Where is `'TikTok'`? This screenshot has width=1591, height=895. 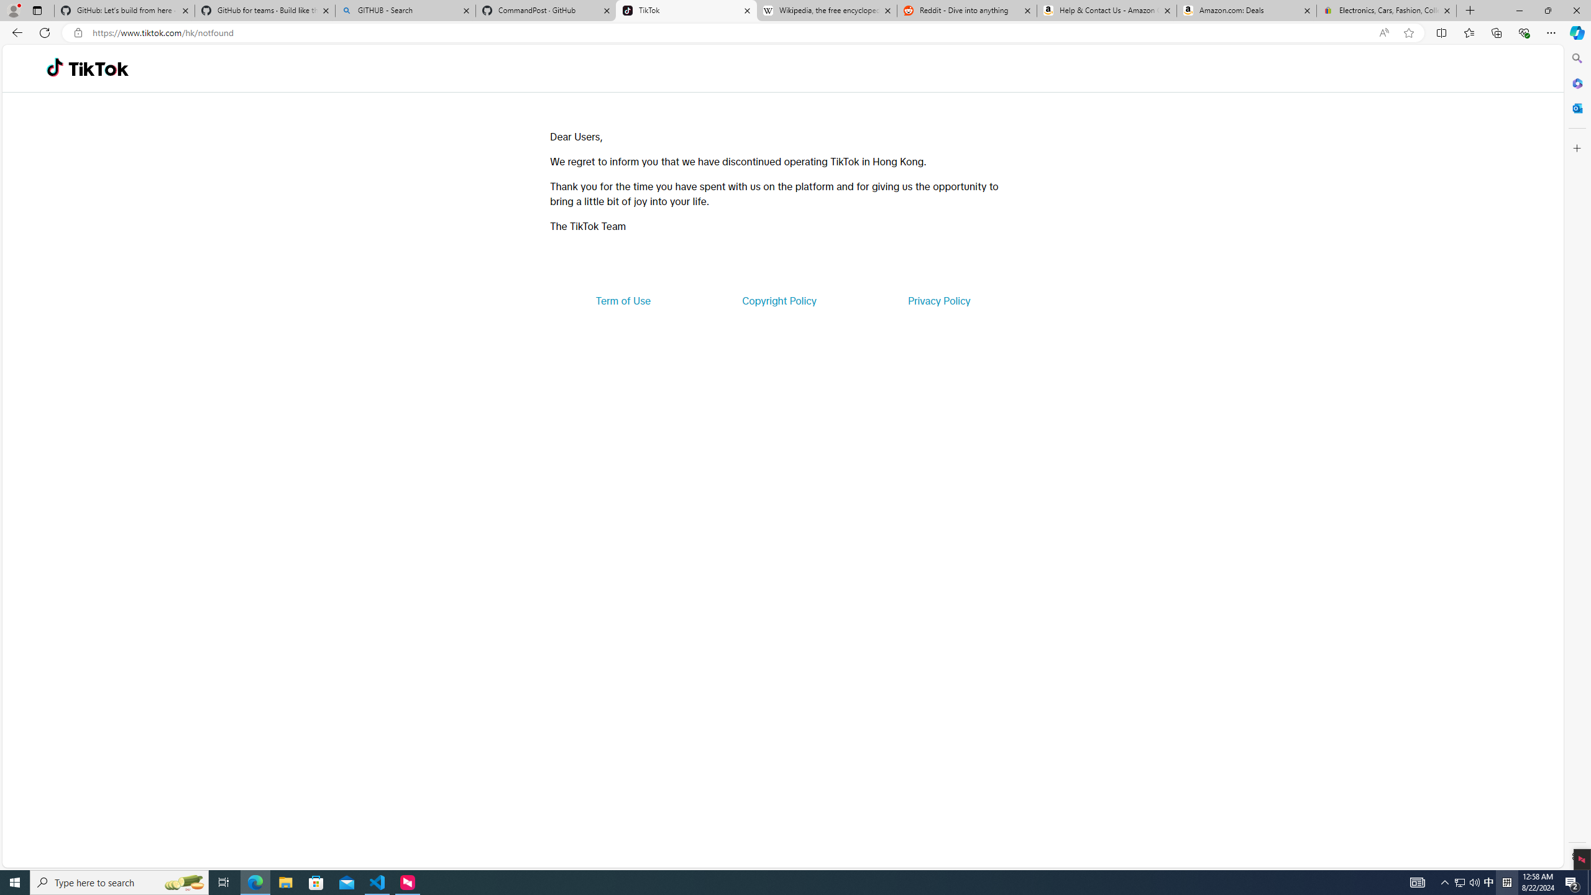 'TikTok' is located at coordinates (98, 68).